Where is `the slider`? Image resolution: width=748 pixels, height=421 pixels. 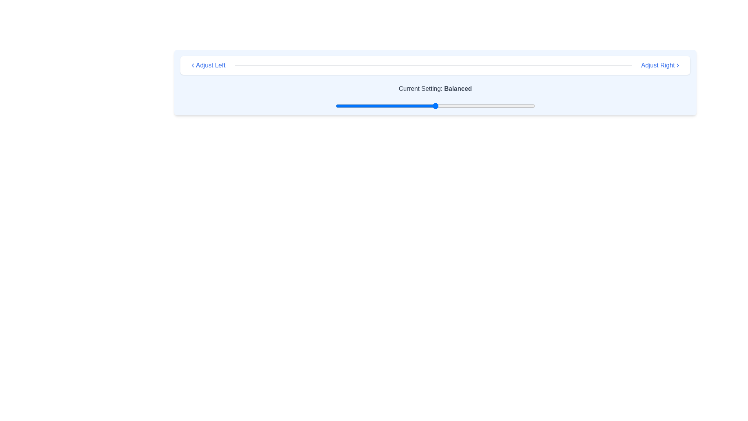 the slider is located at coordinates (339, 106).